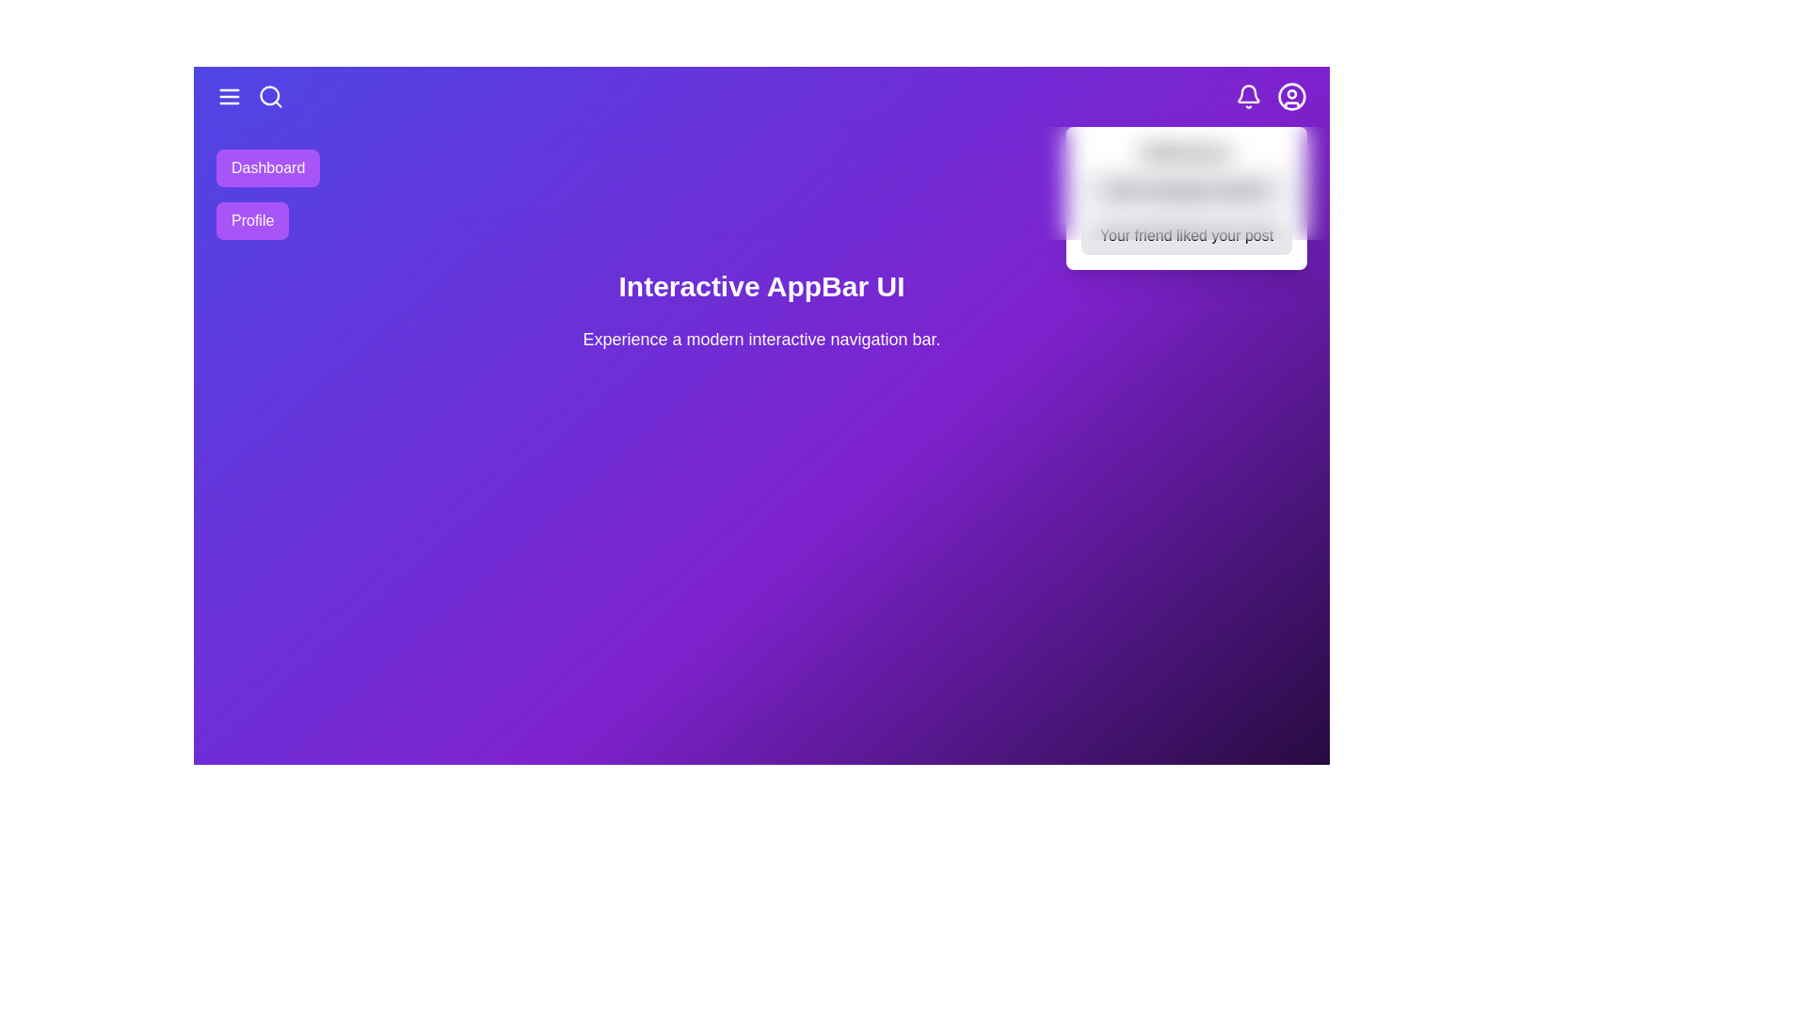  What do you see at coordinates (251, 220) in the screenshot?
I see `the Profile button to navigate to the Profile section` at bounding box center [251, 220].